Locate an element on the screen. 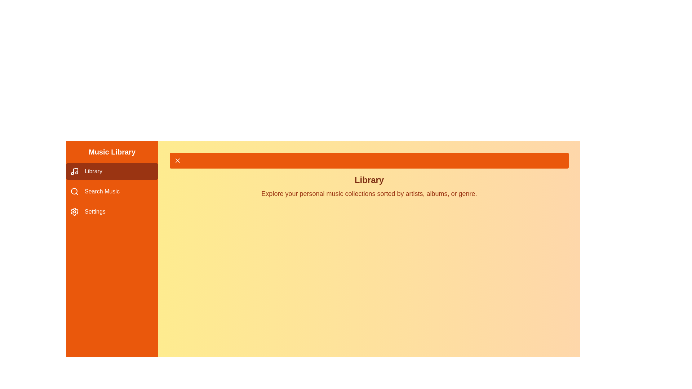 Image resolution: width=692 pixels, height=389 pixels. the menu item Library to view its hover state effect is located at coordinates (112, 171).